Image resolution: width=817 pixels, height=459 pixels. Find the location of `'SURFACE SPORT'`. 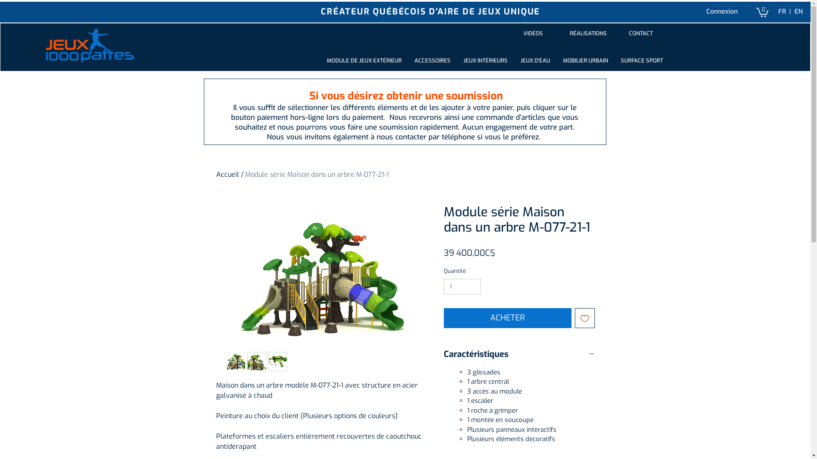

'SURFACE SPORT' is located at coordinates (642, 60).